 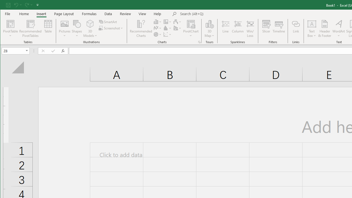 What do you see at coordinates (111, 28) in the screenshot?
I see `'Screenshot'` at bounding box center [111, 28].